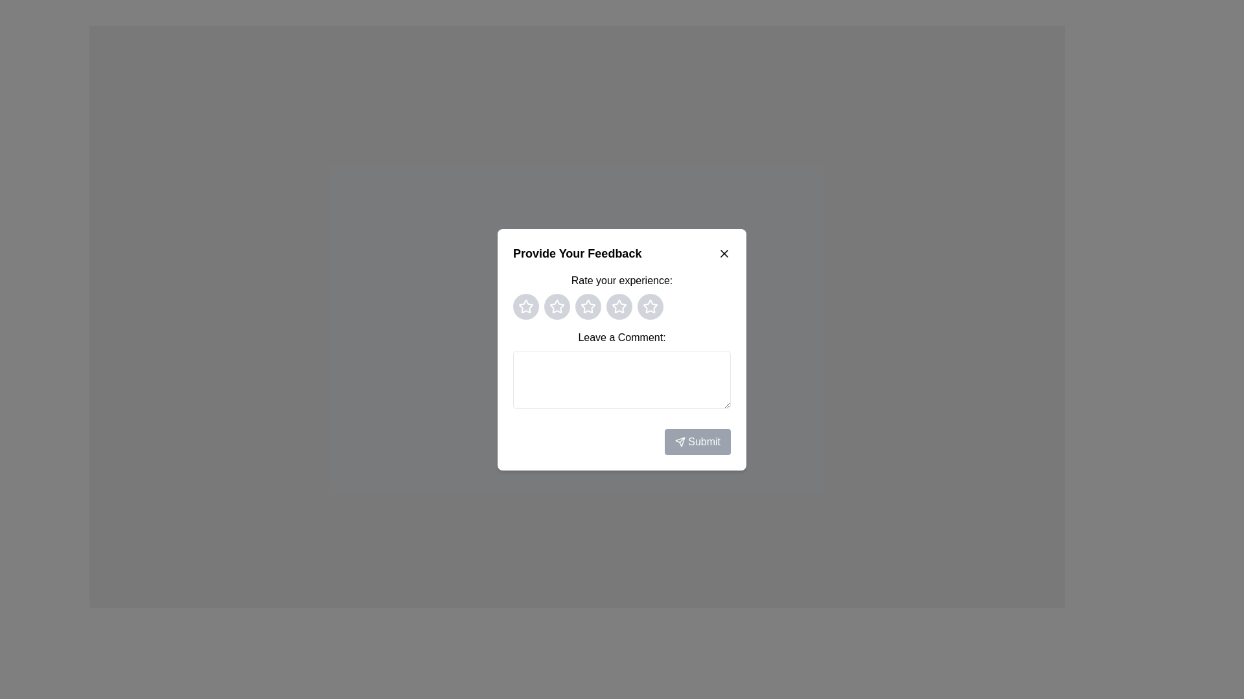 The width and height of the screenshot is (1244, 699). What do you see at coordinates (557, 306) in the screenshot?
I see `the second rating star button, which represents a 2-star rating, located just beneath the 'Rate your experience' label in the modal interface` at bounding box center [557, 306].